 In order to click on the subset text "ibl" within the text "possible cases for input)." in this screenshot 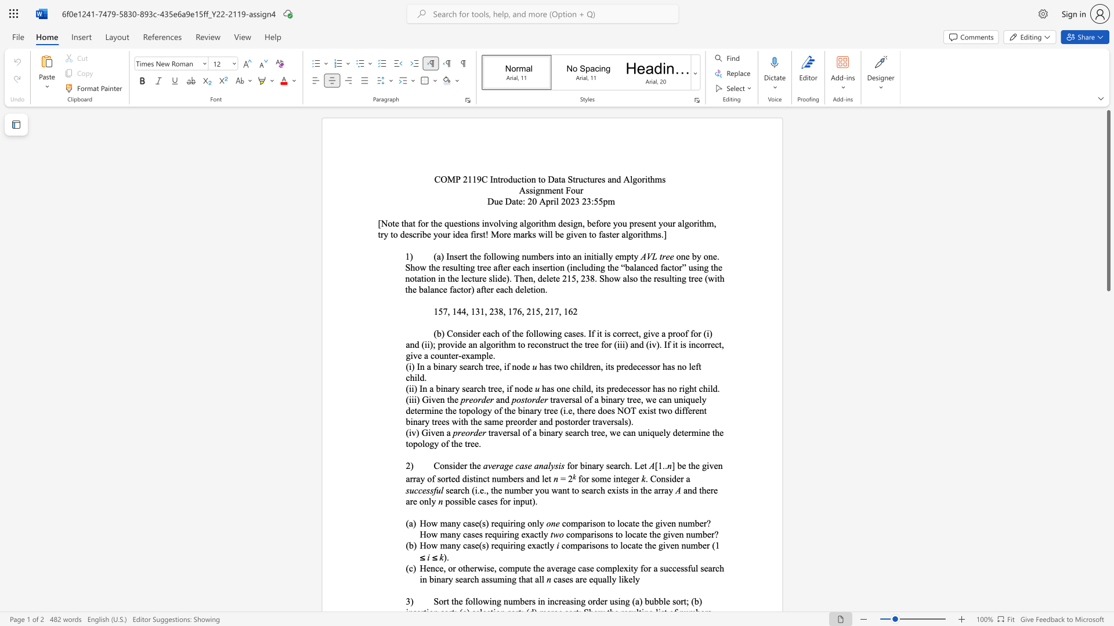, I will do `click(461, 501)`.